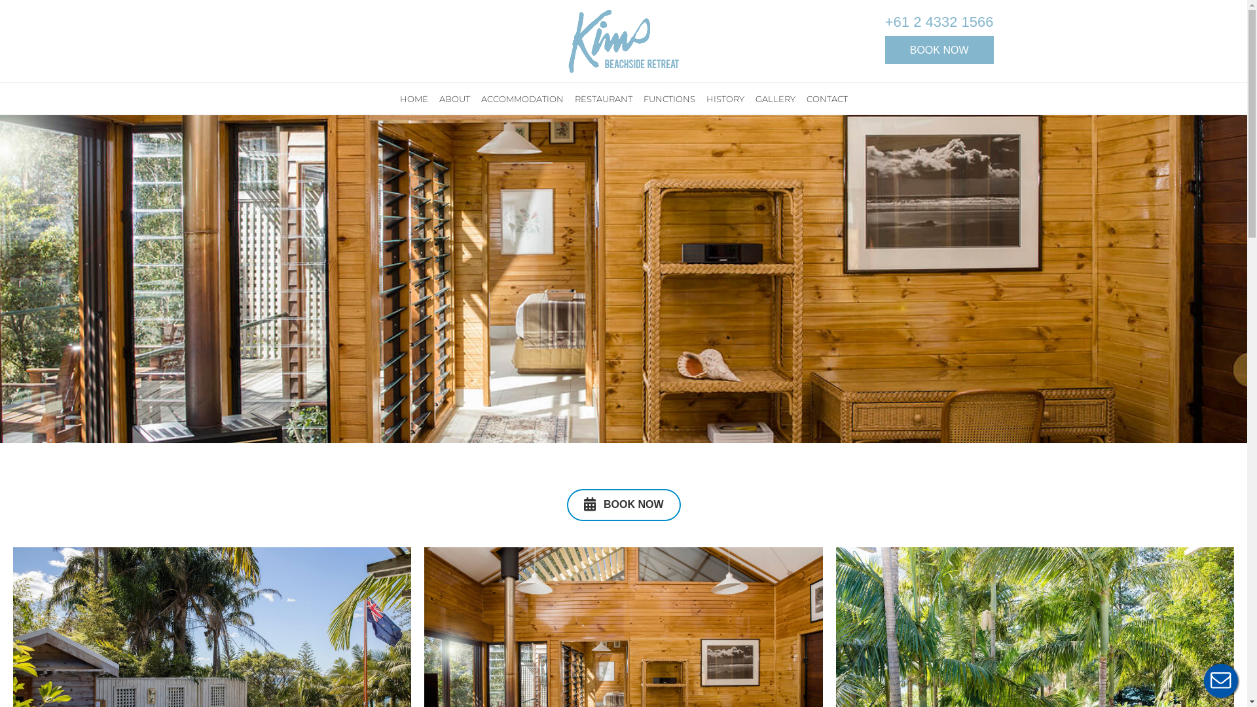 This screenshot has width=1257, height=707. I want to click on 'ABOUT', so click(454, 98).